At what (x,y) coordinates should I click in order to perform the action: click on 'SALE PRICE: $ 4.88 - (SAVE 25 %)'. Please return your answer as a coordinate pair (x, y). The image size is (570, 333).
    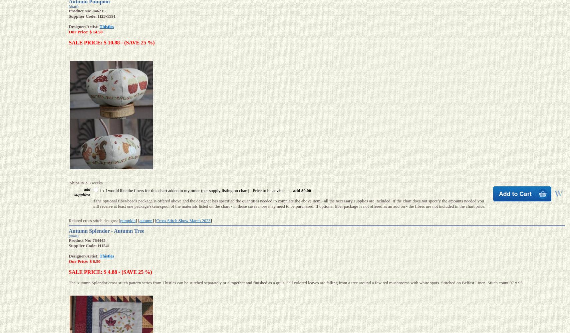
    Looking at the image, I should click on (110, 272).